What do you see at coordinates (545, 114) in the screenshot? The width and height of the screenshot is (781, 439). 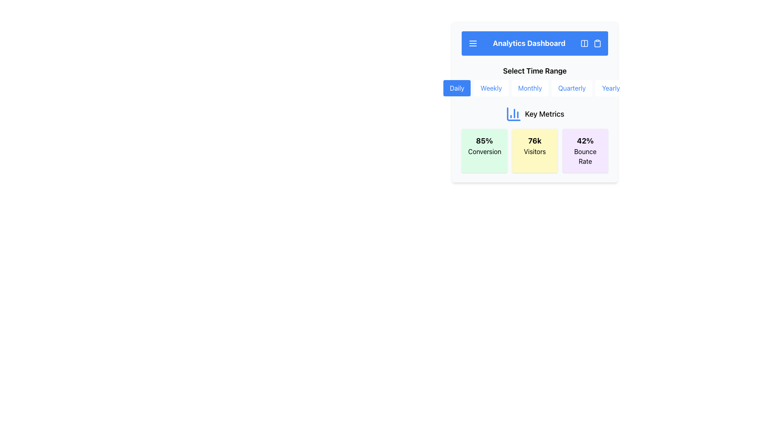 I see `the text label that says 'Key Metrics', which is styled in a large bold font and located in the upper area of the dashboard, to the right of a graphical chart icon` at bounding box center [545, 114].